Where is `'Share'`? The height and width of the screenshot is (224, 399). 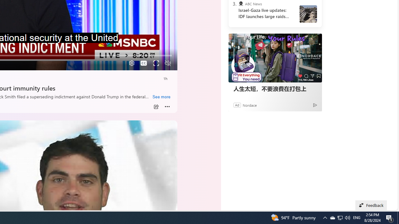
'Share' is located at coordinates (156, 106).